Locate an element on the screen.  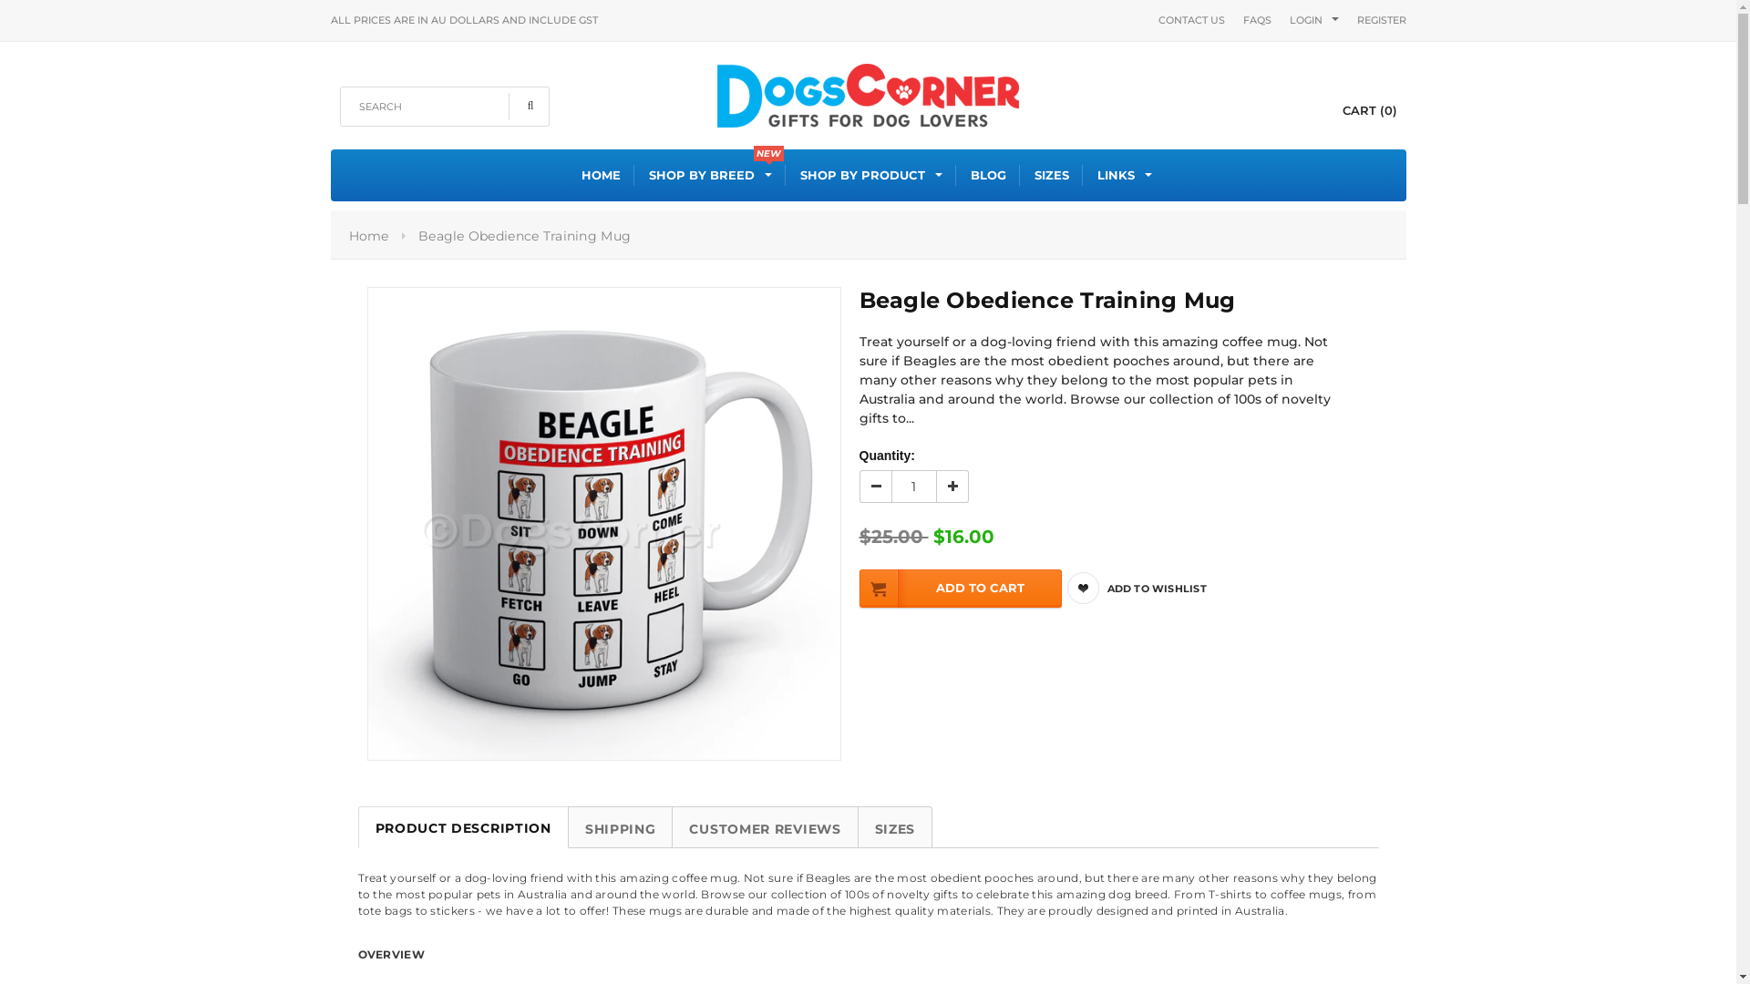
'LOGIN' is located at coordinates (1303, 20).